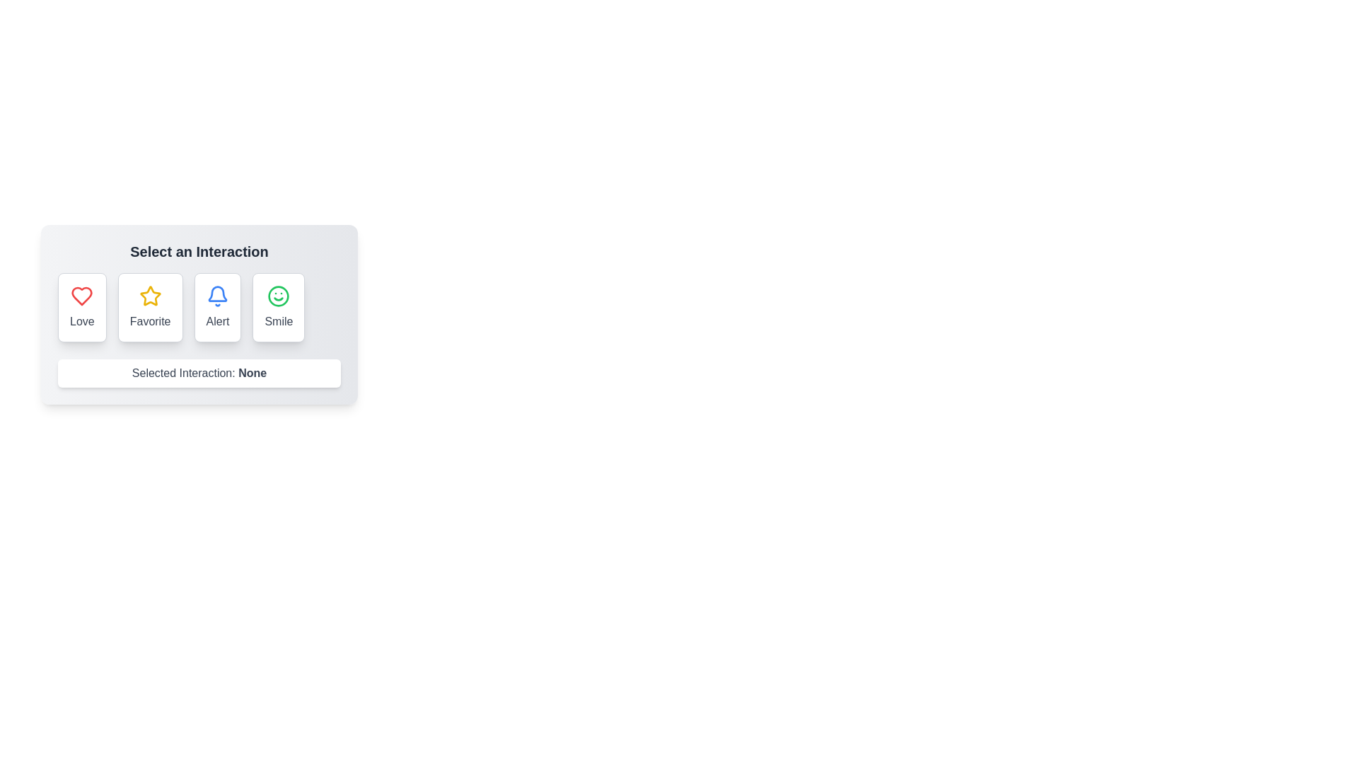  Describe the element at coordinates (149, 307) in the screenshot. I see `the button labeled Favorite to observe the hover effect` at that location.